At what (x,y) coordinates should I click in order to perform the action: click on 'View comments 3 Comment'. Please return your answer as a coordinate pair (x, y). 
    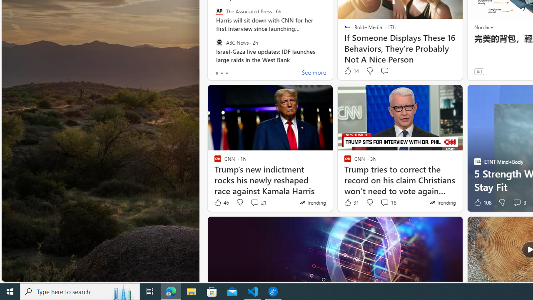
    Looking at the image, I should click on (519, 202).